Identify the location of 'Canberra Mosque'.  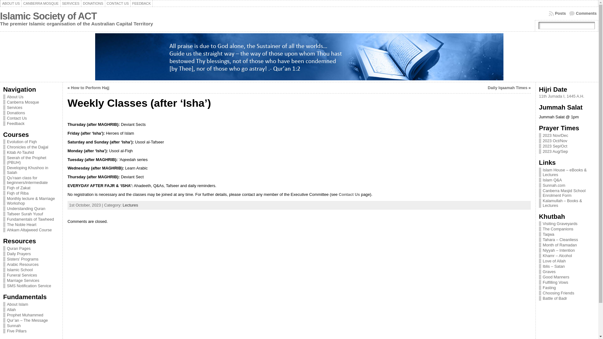
(31, 102).